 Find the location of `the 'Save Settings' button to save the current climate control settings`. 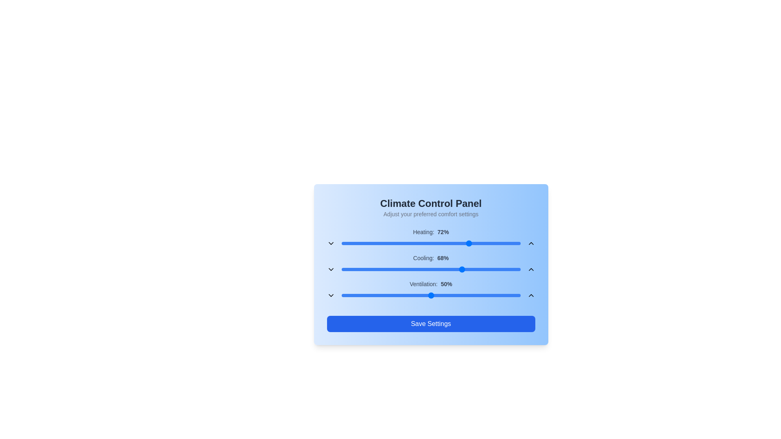

the 'Save Settings' button to save the current climate control settings is located at coordinates (430, 324).